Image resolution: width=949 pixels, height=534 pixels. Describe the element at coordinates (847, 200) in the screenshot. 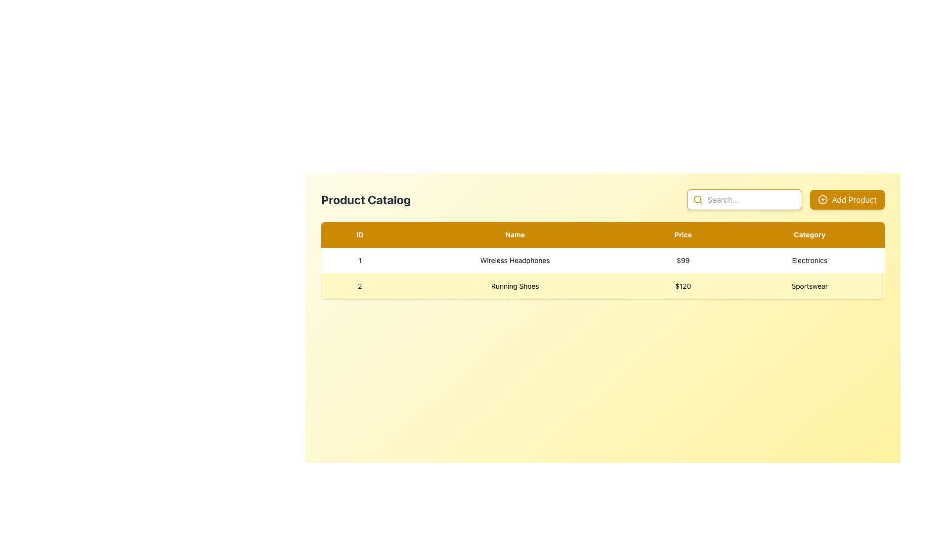

I see `the button located at the top right corner of the header area above the product listing table to initiate the action for adding a new product` at that location.